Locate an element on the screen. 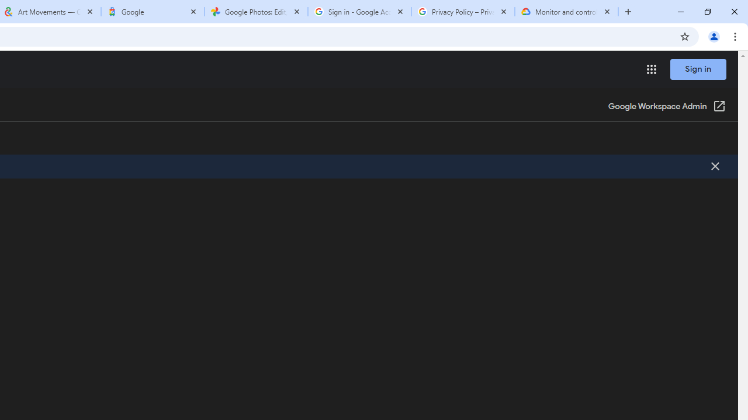 The height and width of the screenshot is (420, 748). 'Sign in - Google Accounts' is located at coordinates (359, 12).